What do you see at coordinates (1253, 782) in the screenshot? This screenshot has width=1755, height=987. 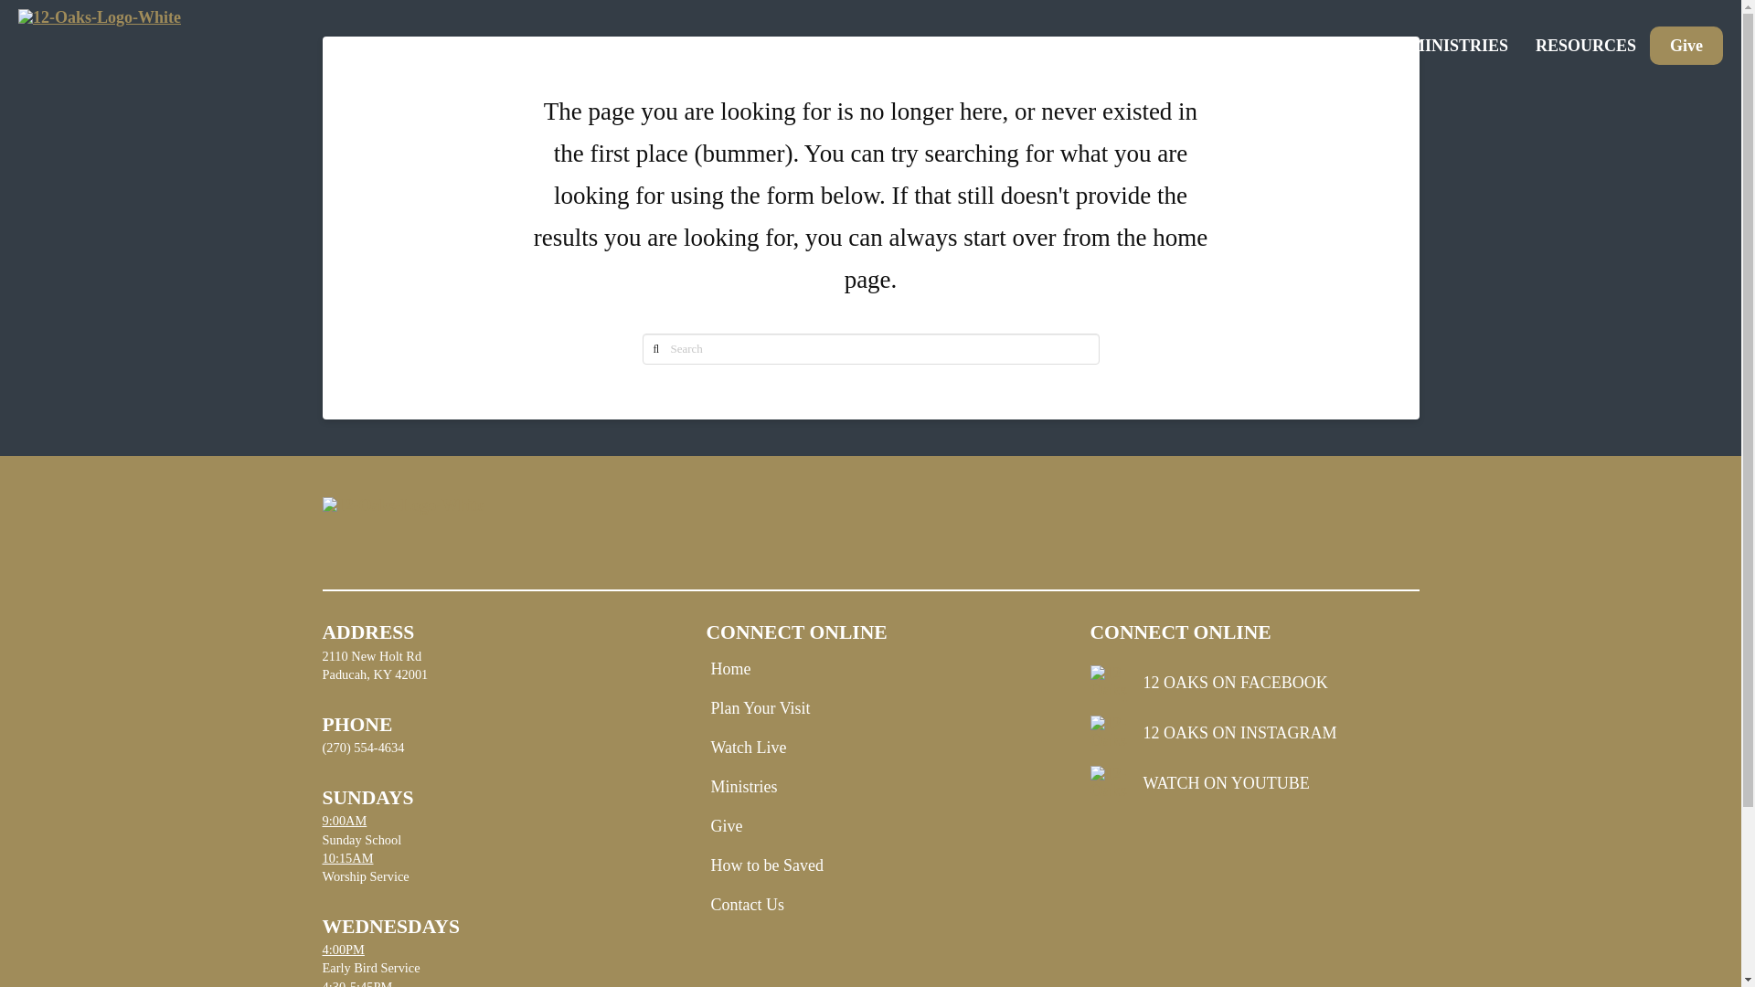 I see `'WATCH ON YOUTUBE'` at bounding box center [1253, 782].